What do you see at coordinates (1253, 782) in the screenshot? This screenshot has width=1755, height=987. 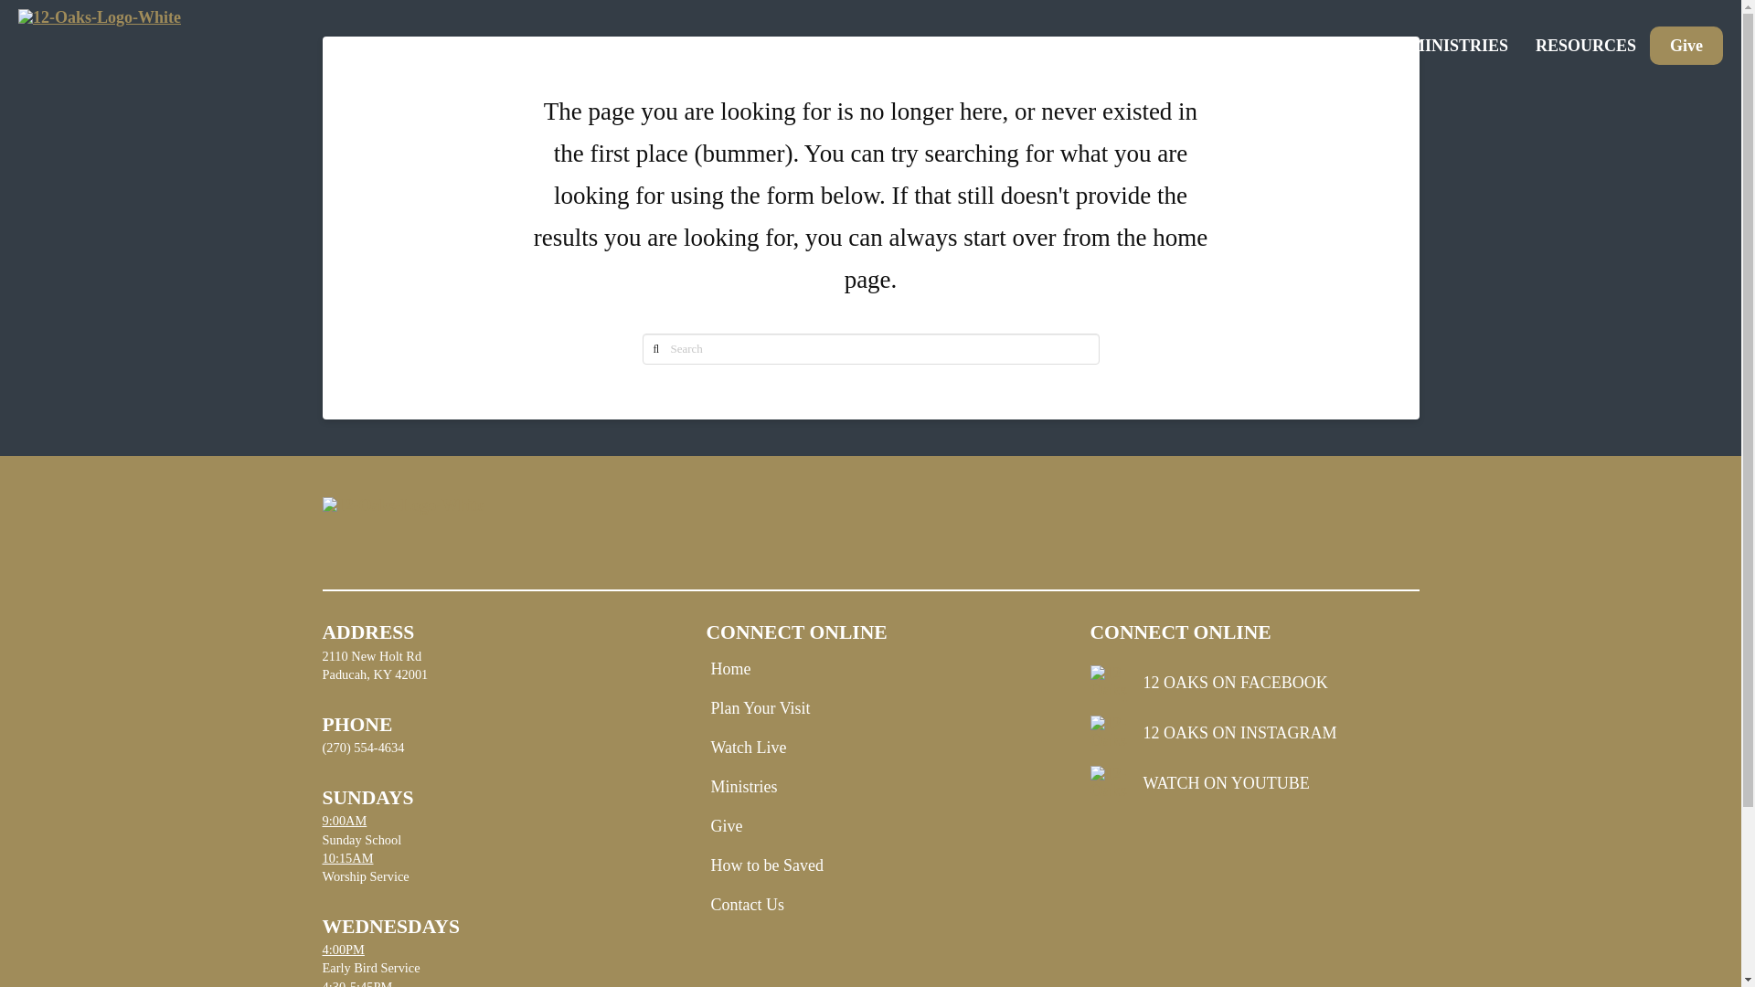 I see `'WATCH ON YOUTUBE'` at bounding box center [1253, 782].